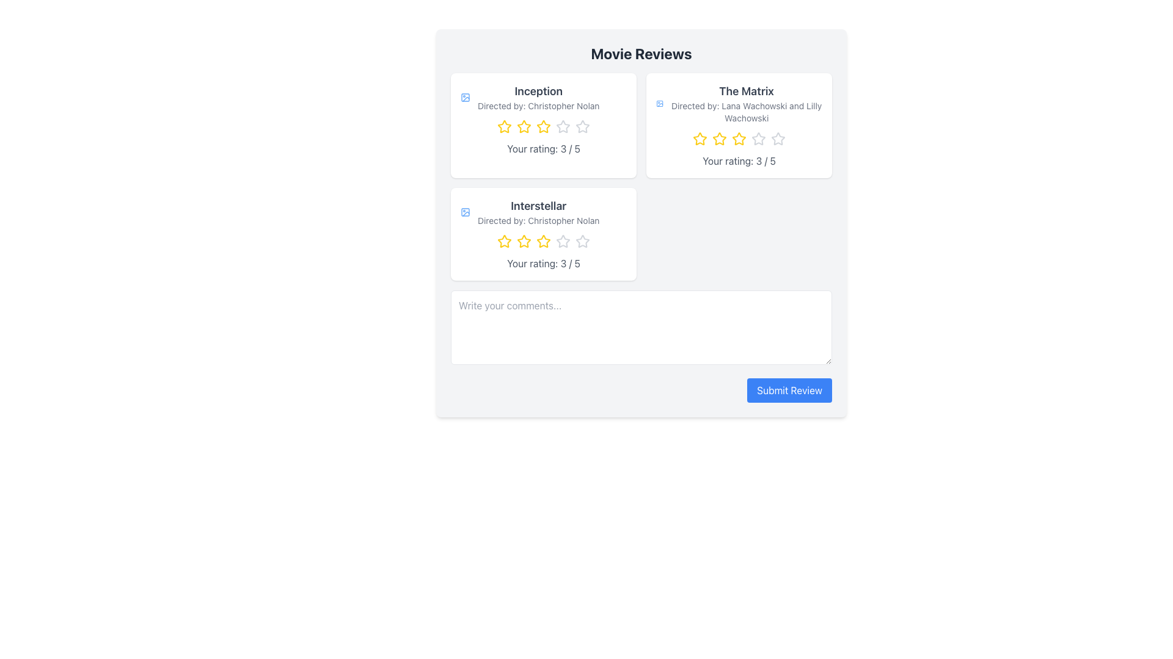 This screenshot has width=1173, height=659. What do you see at coordinates (789, 391) in the screenshot?
I see `the 'Submit Review' button, which has a blue background and white rounded corners` at bounding box center [789, 391].